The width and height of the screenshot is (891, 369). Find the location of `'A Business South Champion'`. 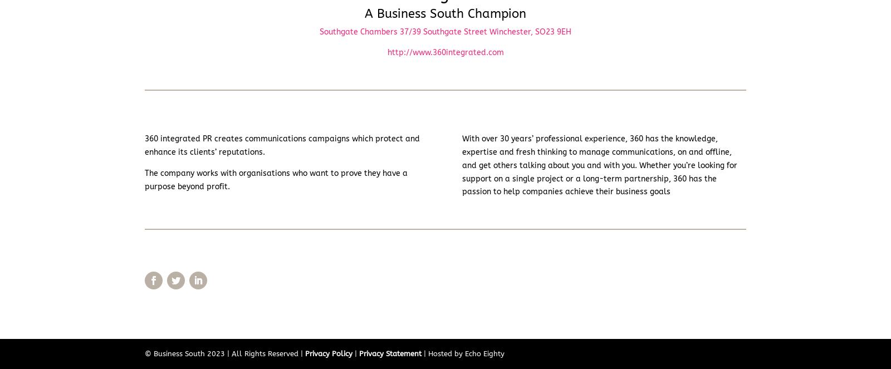

'A Business South Champion' is located at coordinates (365, 13).